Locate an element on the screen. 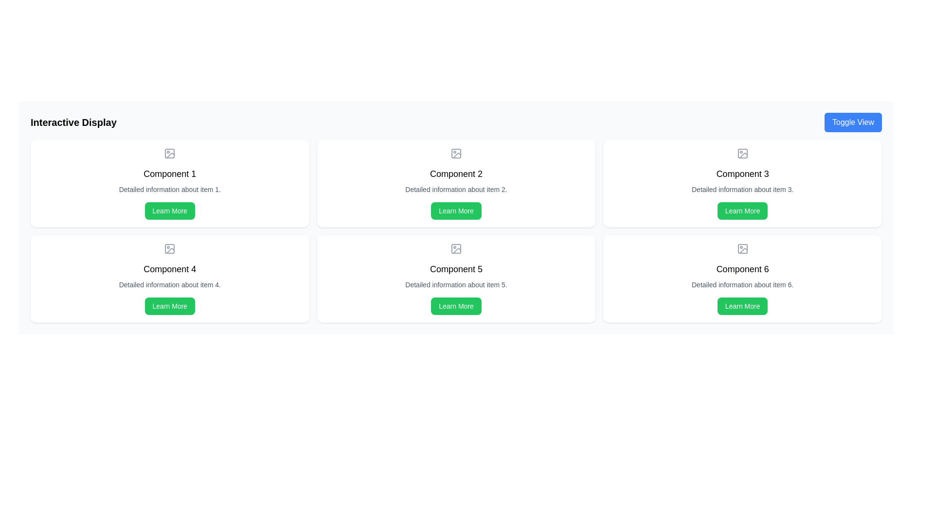 The height and width of the screenshot is (525, 934). displayed information from the Content card labeled 'Component 5' which includes a title and a description, and a button 'Learn More' at the bottom is located at coordinates (455, 279).